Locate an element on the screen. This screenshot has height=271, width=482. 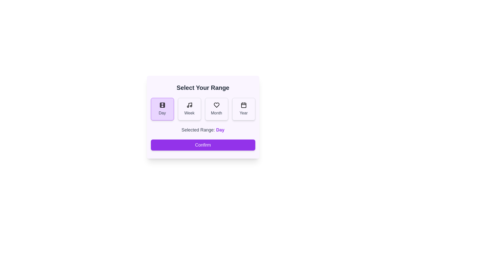
the icon resembling two overlapping musical notes, located near the top of the box labeled 'Week' is located at coordinates (189, 105).